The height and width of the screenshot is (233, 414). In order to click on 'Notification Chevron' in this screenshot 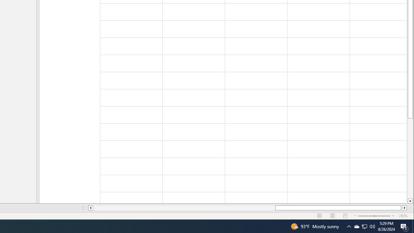, I will do `click(349, 226)`.